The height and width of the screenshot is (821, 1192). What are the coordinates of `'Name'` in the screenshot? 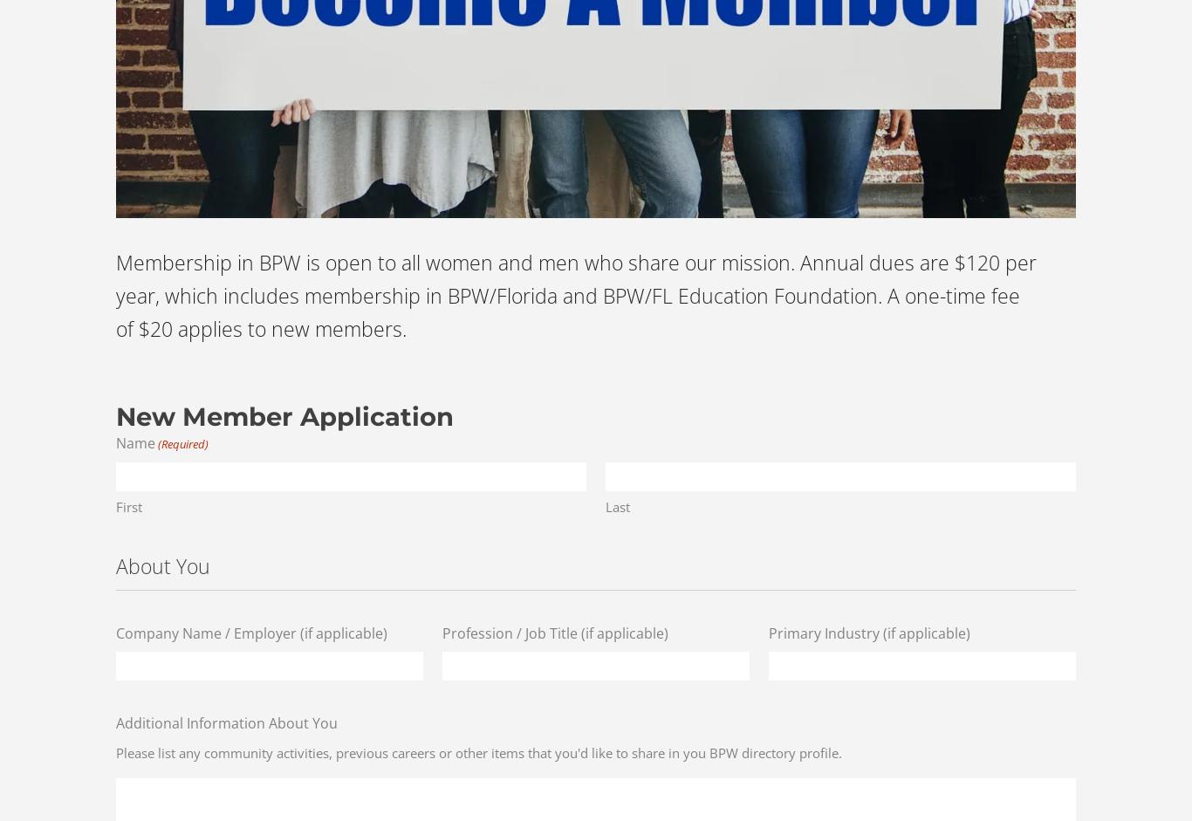 It's located at (115, 441).